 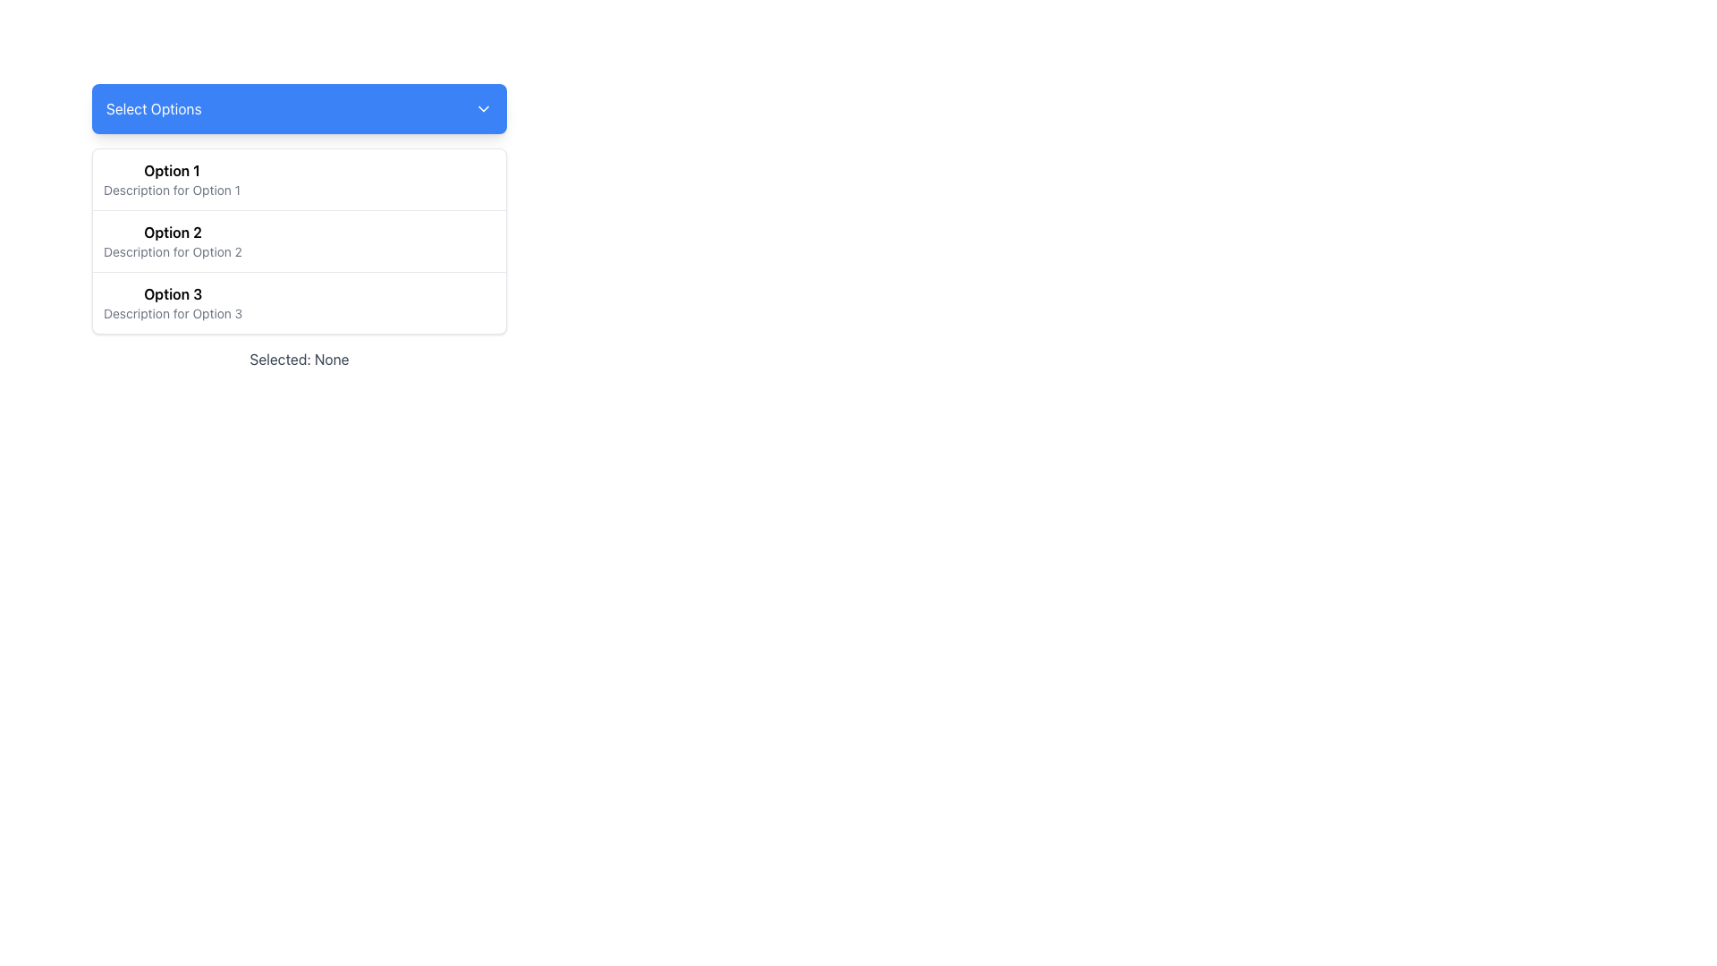 What do you see at coordinates (300, 301) in the screenshot?
I see `the list item titled 'Option 3' which contains a bold title and a gray description, located in the dropdown menu below 'Option 1' and 'Option 2'` at bounding box center [300, 301].